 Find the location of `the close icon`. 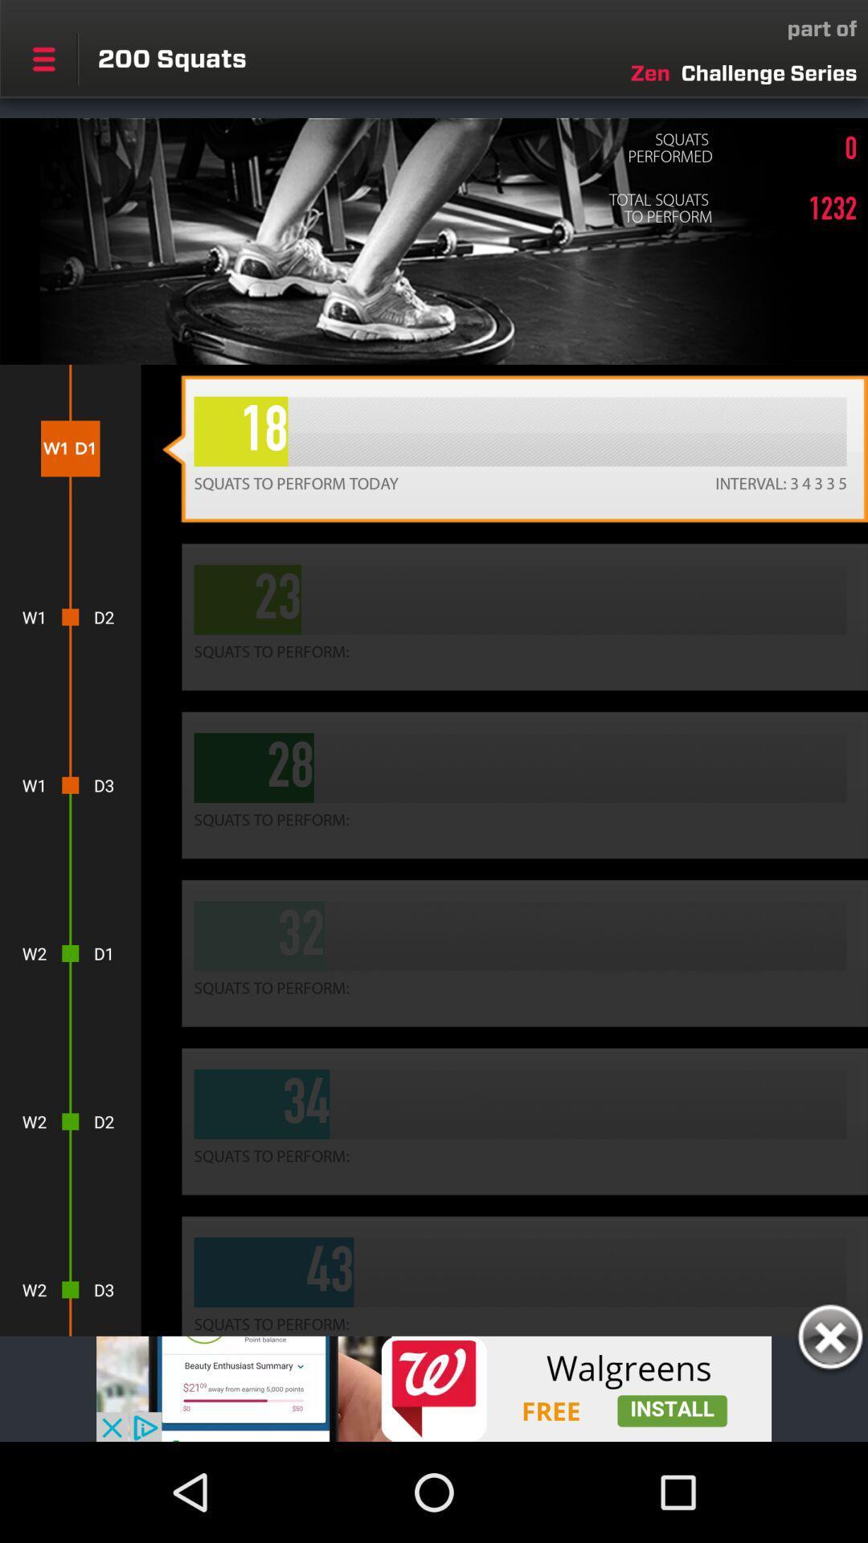

the close icon is located at coordinates (829, 1340).